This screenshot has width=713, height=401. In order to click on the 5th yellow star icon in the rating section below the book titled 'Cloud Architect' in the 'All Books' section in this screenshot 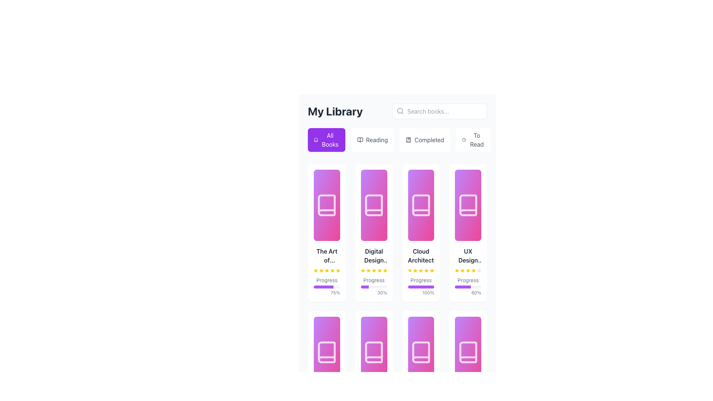, I will do `click(385, 271)`.